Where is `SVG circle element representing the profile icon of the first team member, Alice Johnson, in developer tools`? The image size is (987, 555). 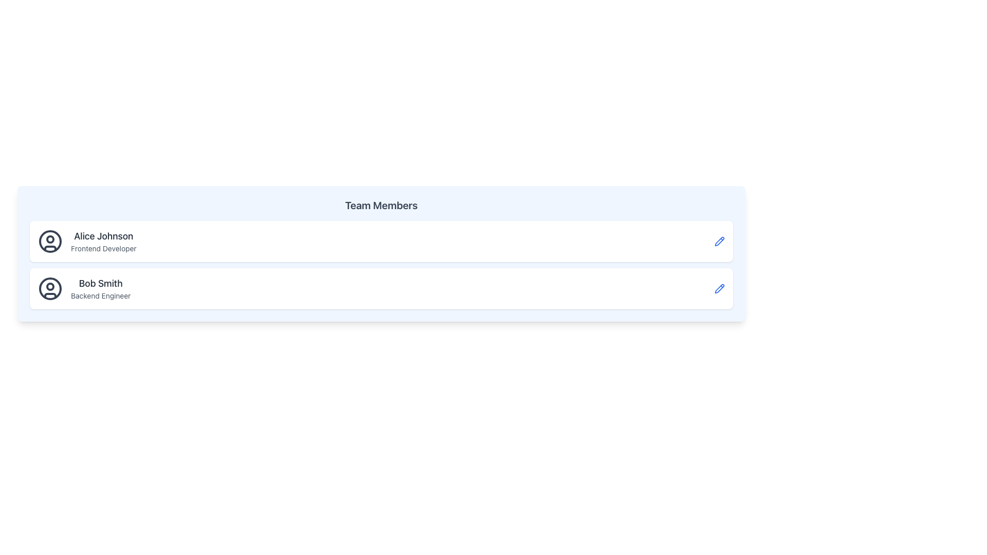
SVG circle element representing the profile icon of the first team member, Alice Johnson, in developer tools is located at coordinates (49, 242).